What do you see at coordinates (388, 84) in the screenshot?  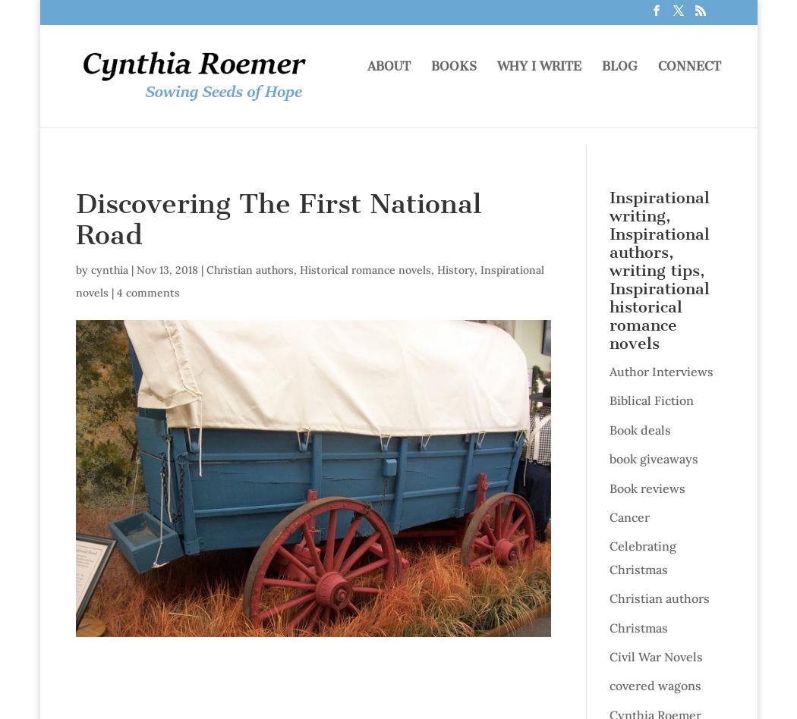 I see `'ABOUT'` at bounding box center [388, 84].